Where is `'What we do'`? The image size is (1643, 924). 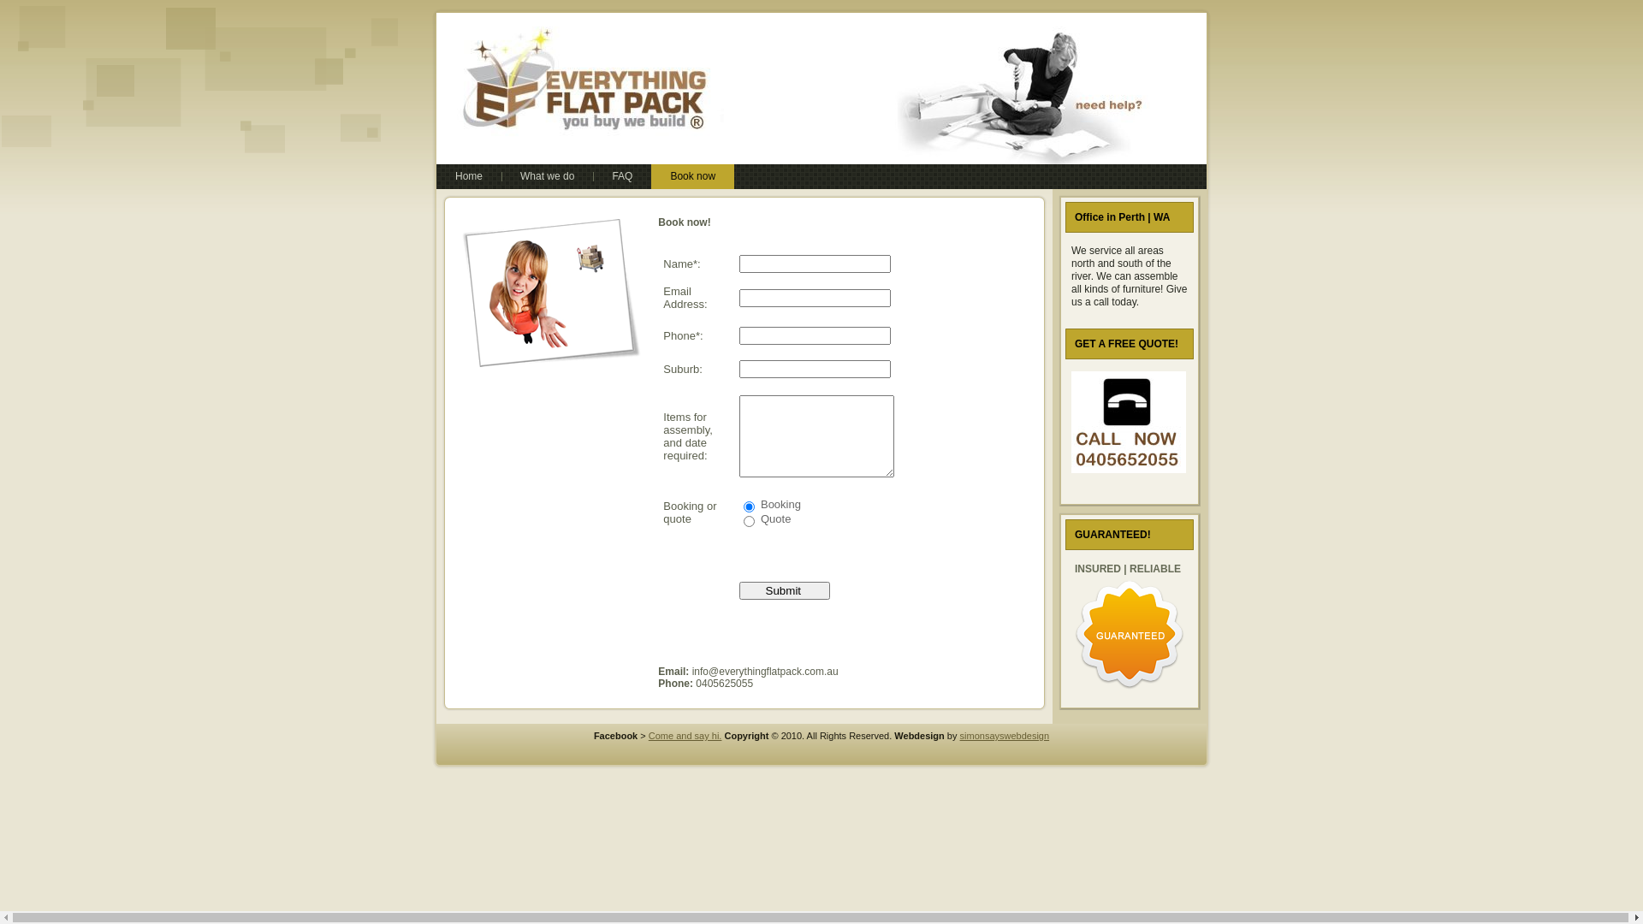 'What we do' is located at coordinates (546, 176).